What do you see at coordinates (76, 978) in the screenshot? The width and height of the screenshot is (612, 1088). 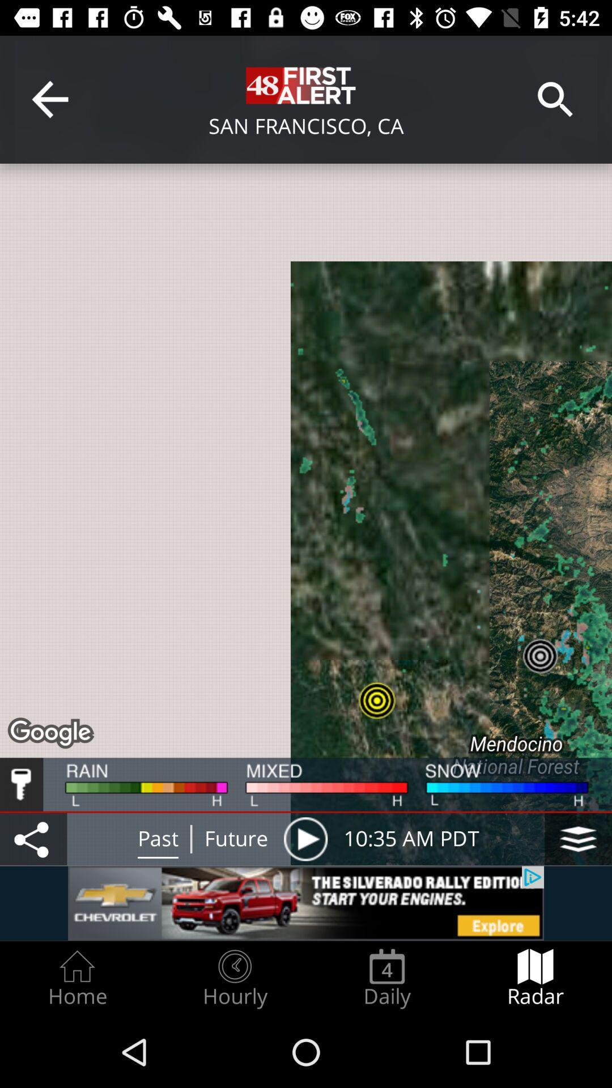 I see `the home` at bounding box center [76, 978].